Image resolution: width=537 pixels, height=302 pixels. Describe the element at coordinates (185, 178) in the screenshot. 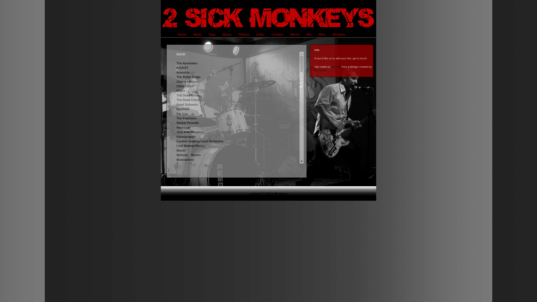

I see `'The Restarts'` at that location.